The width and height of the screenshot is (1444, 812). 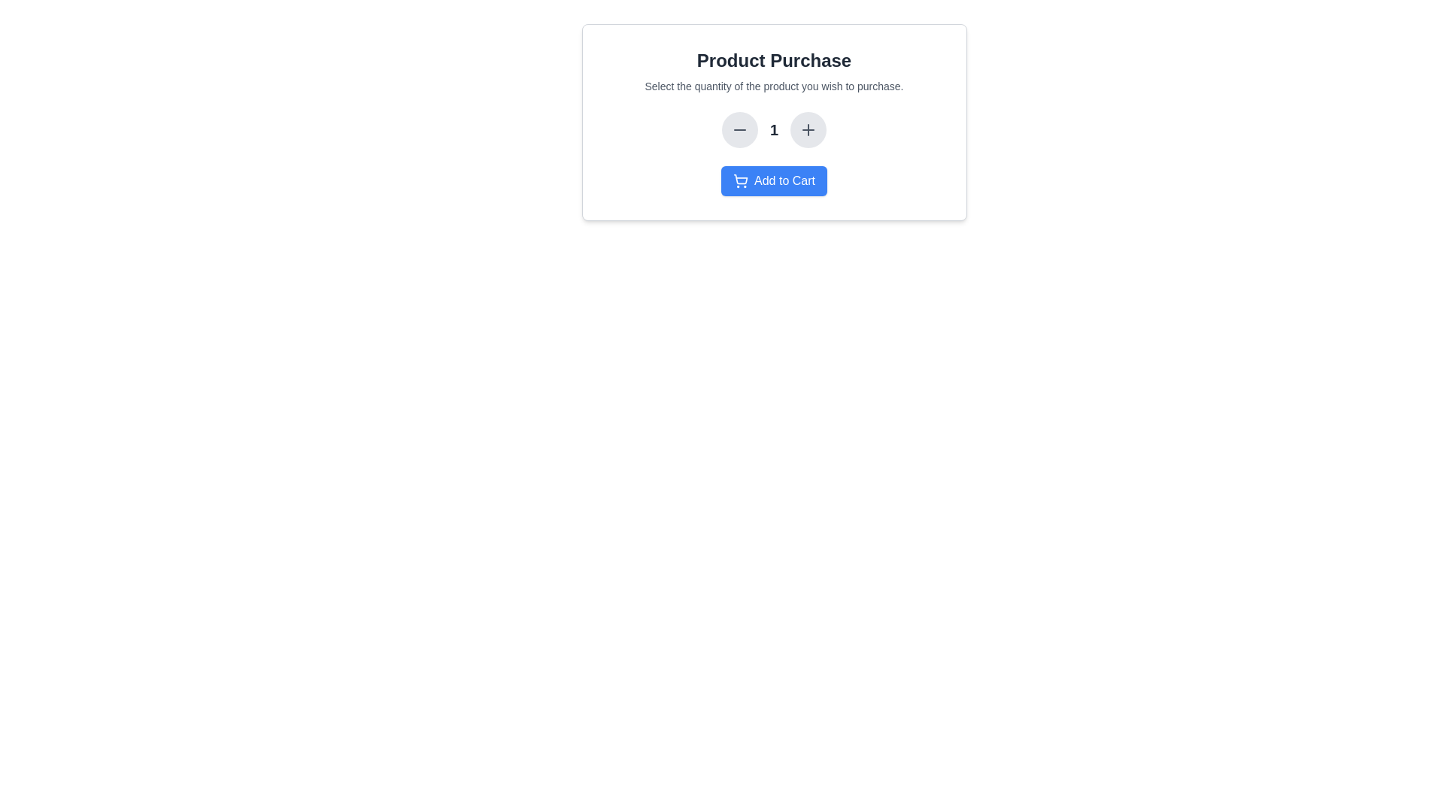 I want to click on the instructional text located just below the main title 'Product Purchase', which provides quantity selection instructions, so click(x=774, y=86).